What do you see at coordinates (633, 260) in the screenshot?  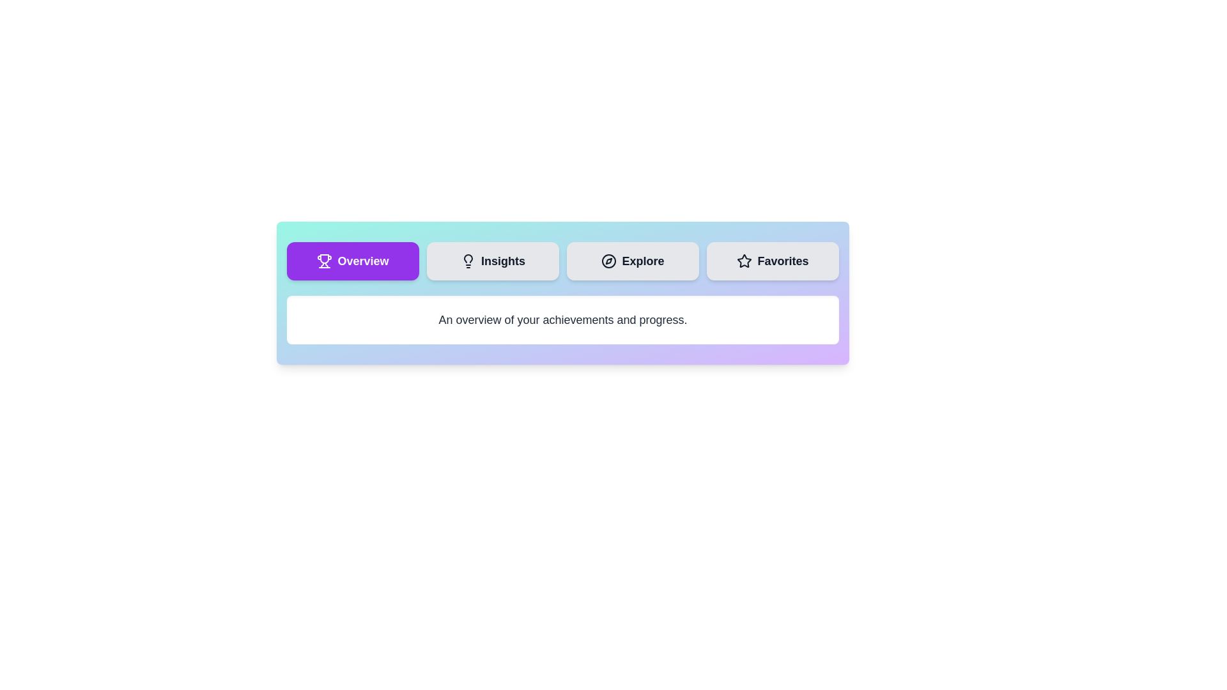 I see `the Explore tab to view its content` at bounding box center [633, 260].